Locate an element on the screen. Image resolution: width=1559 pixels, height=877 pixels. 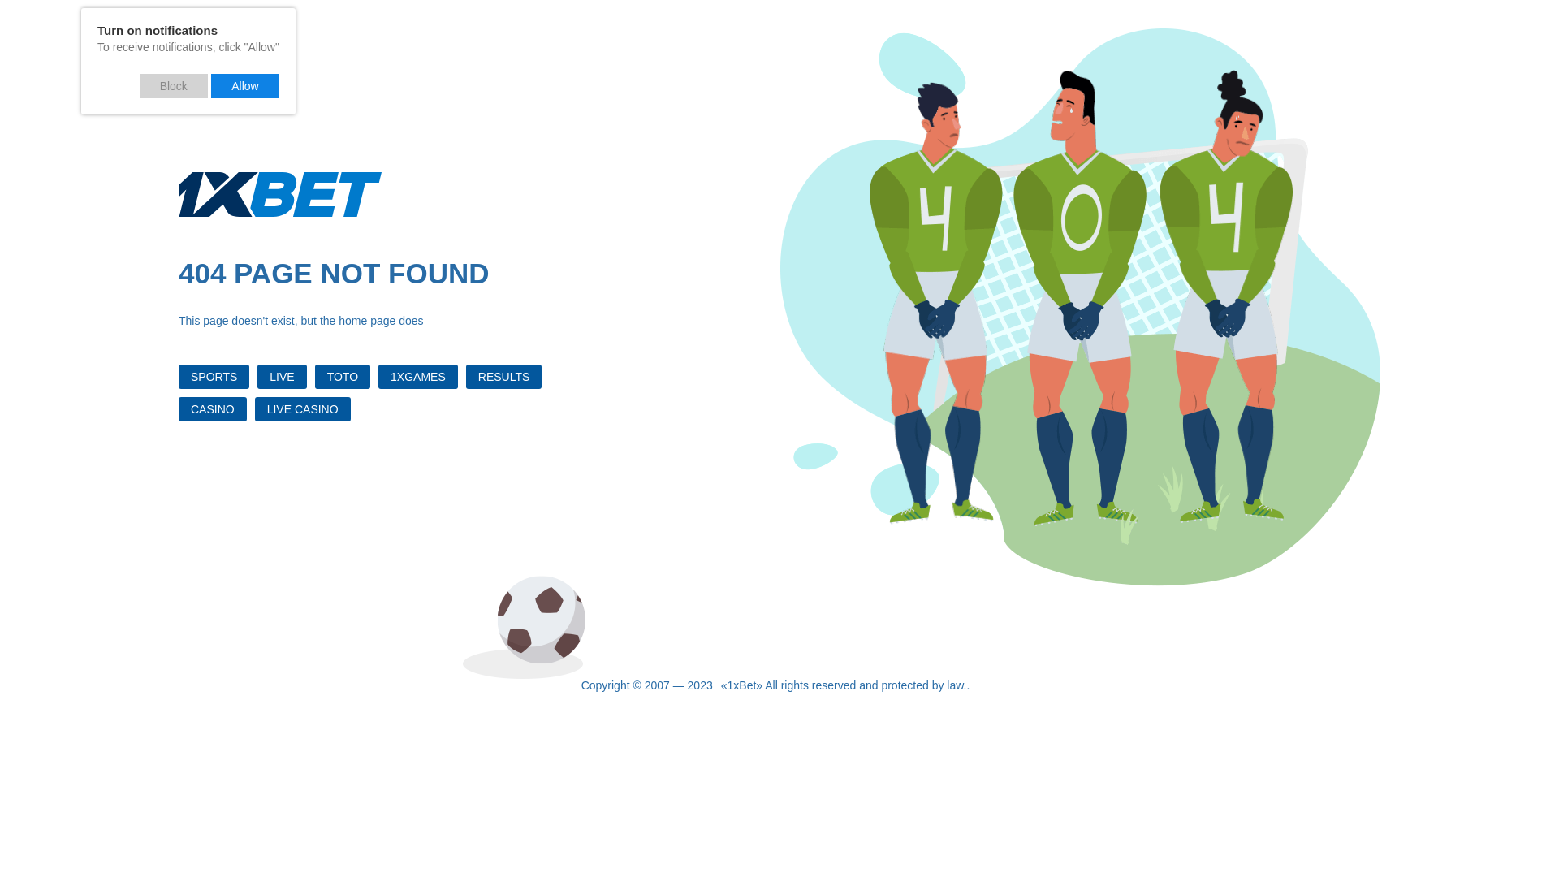
'CASINO' is located at coordinates (212, 408).